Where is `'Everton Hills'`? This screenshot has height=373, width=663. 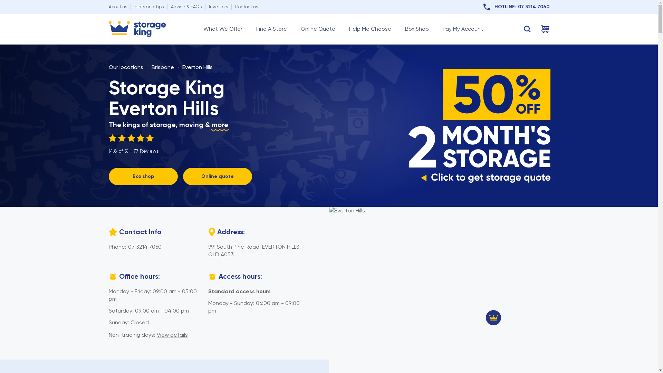
'Everton Hills' is located at coordinates (197, 67).